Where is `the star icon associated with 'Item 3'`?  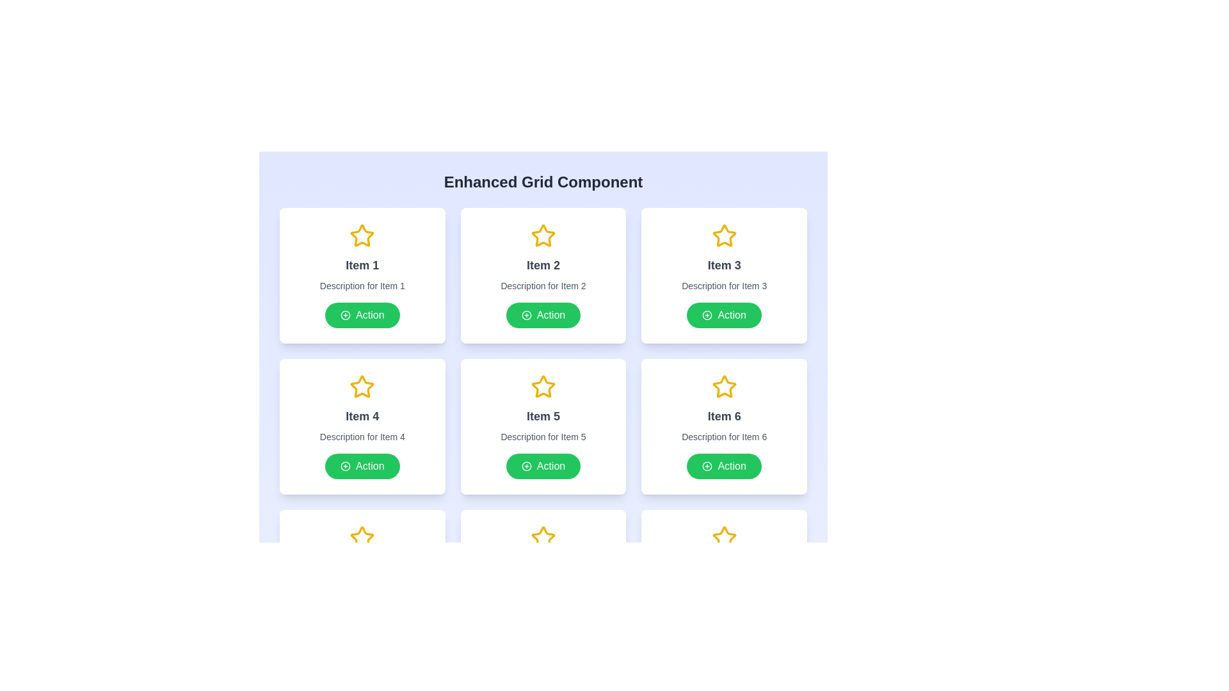 the star icon associated with 'Item 3' is located at coordinates (724, 235).